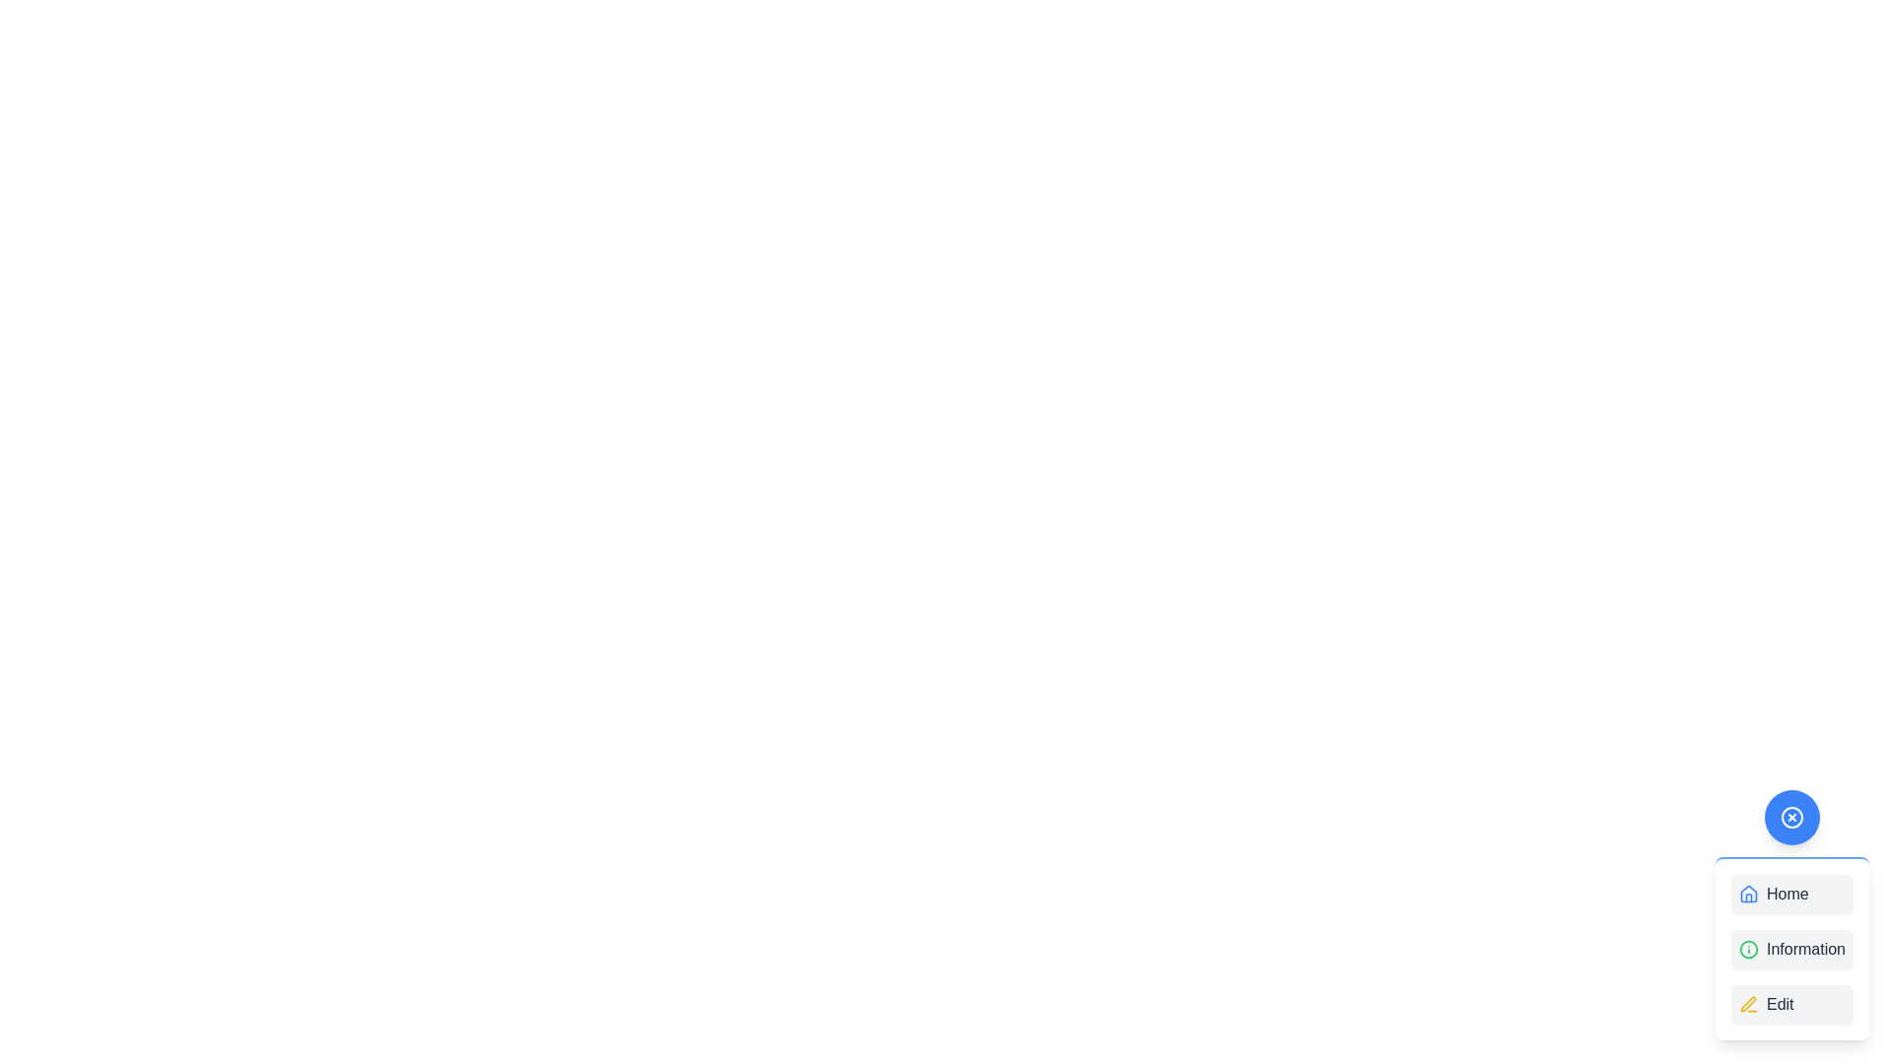 The image size is (1893, 1064). I want to click on the 'Home' icon graphic located at the top-left corner of the menu, so click(1748, 894).